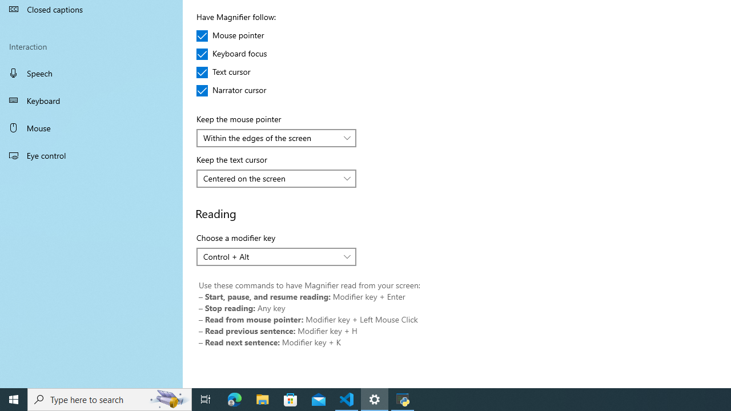  Describe the element at coordinates (91, 72) in the screenshot. I see `'Speech'` at that location.